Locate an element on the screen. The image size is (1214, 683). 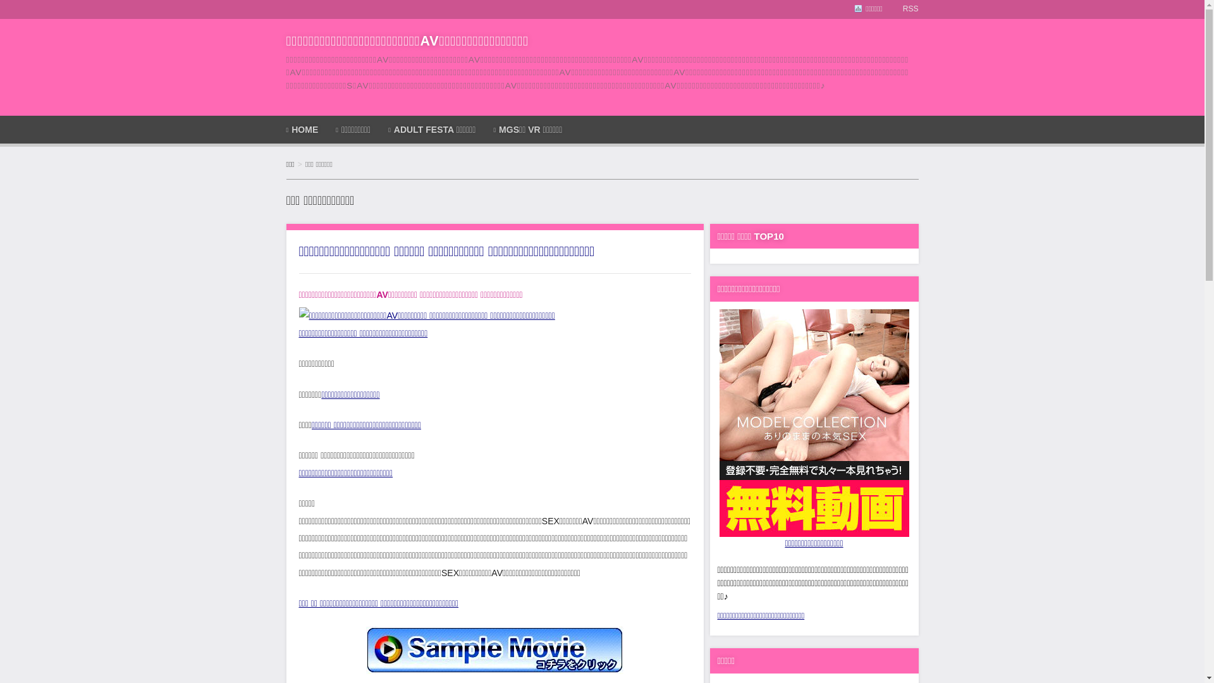
'HOME' is located at coordinates (304, 129).